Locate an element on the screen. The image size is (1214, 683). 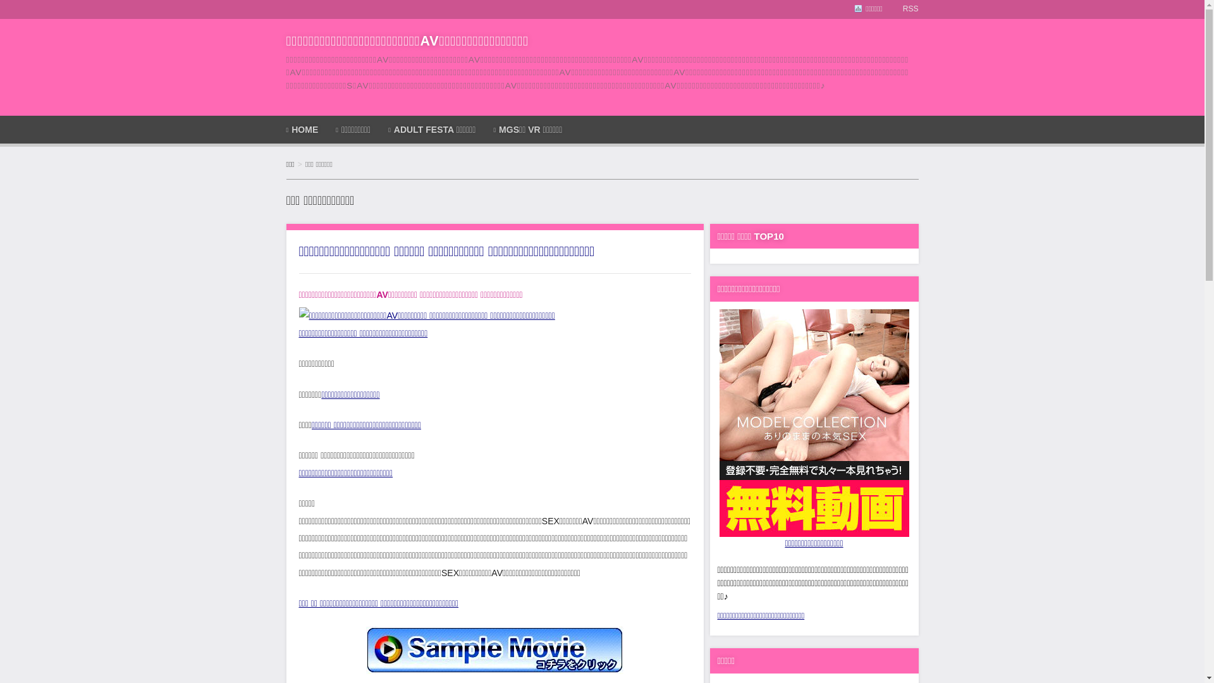
'HOME' is located at coordinates (304, 129).